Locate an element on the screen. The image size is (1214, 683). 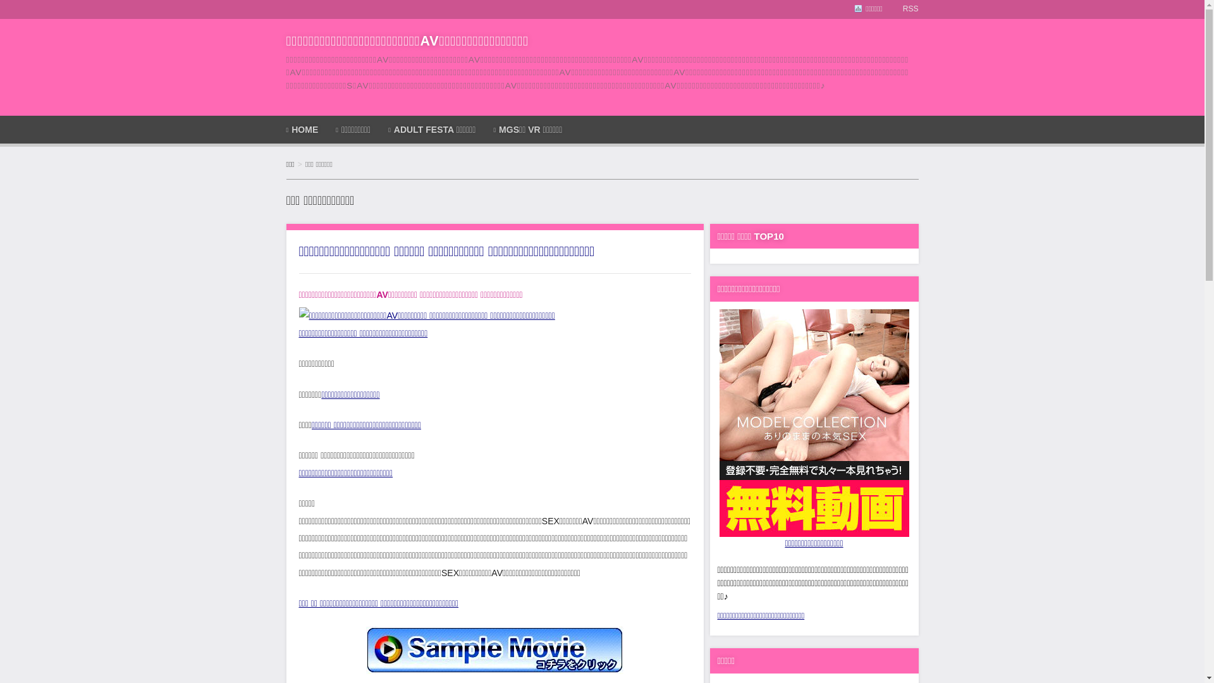
'HOME' is located at coordinates (304, 129).